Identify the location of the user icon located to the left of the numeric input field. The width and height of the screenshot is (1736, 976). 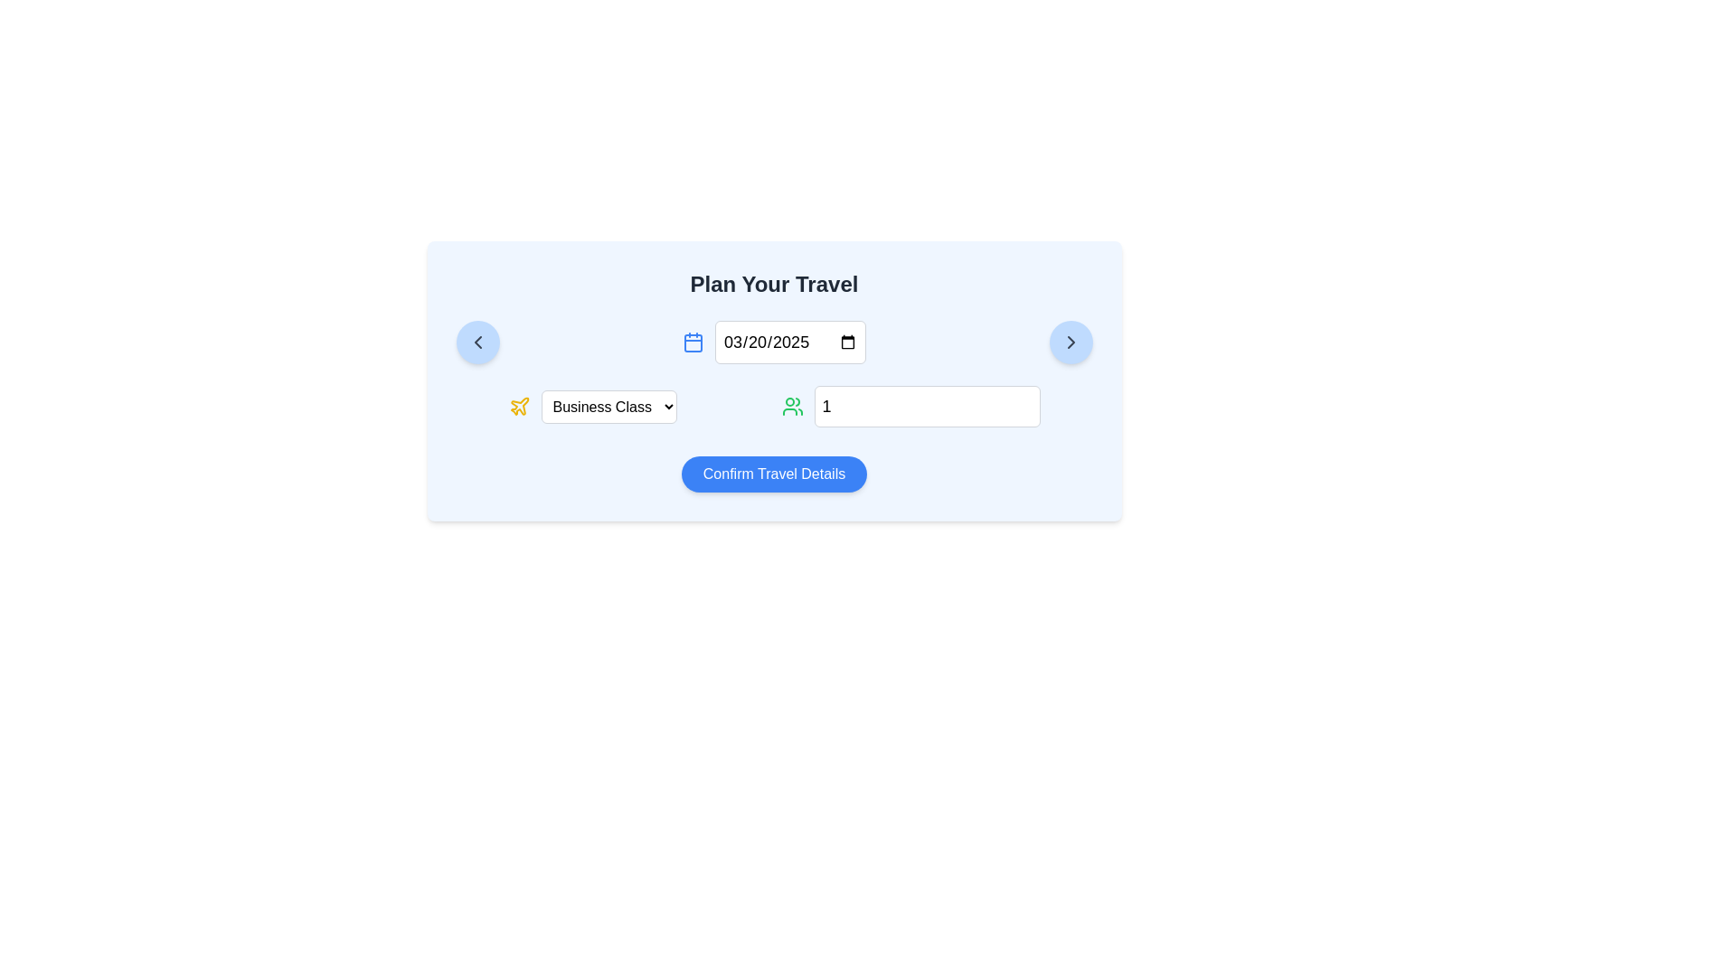
(792, 407).